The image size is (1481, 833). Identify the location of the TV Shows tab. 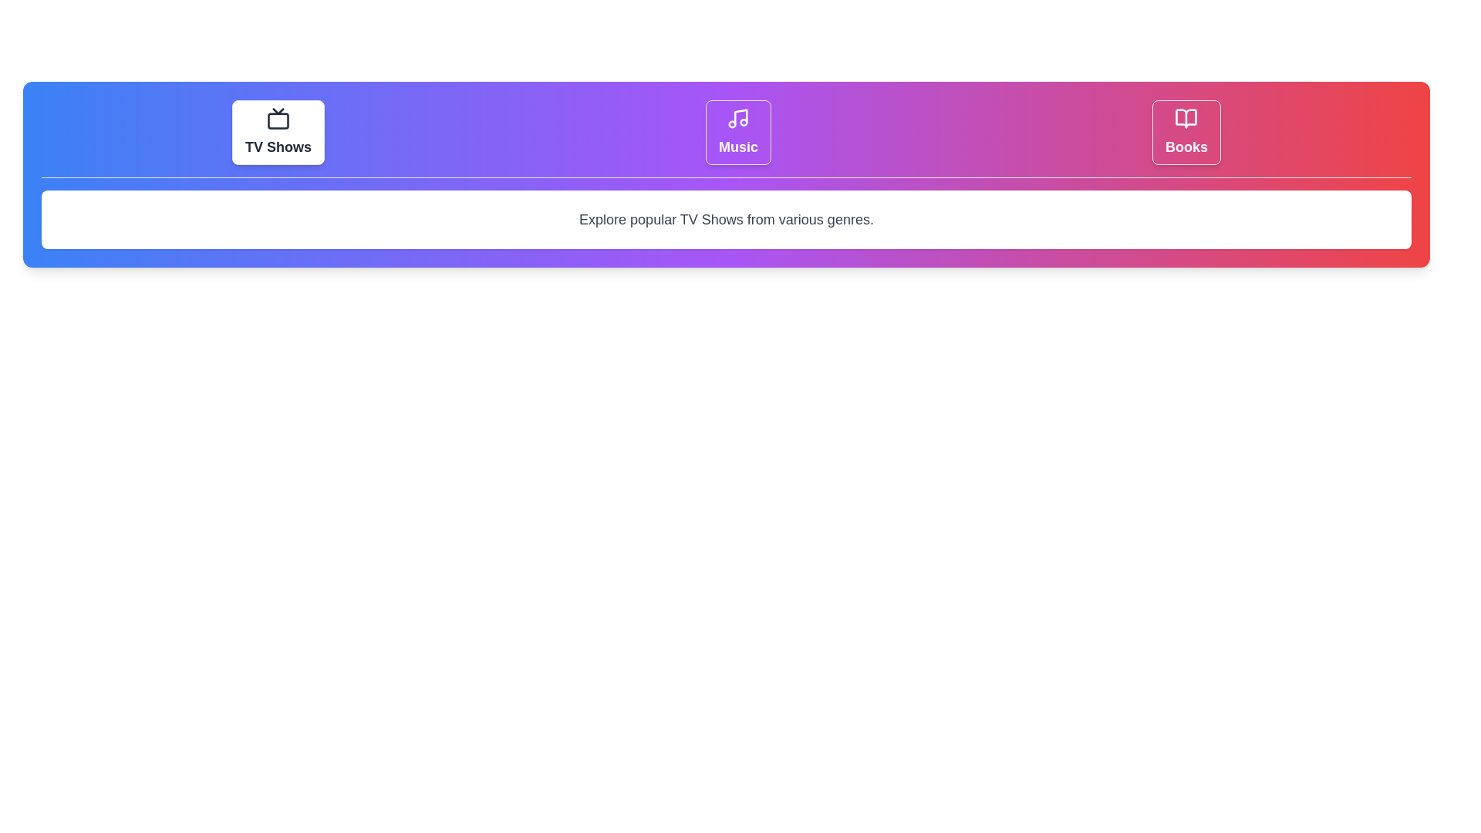
(278, 132).